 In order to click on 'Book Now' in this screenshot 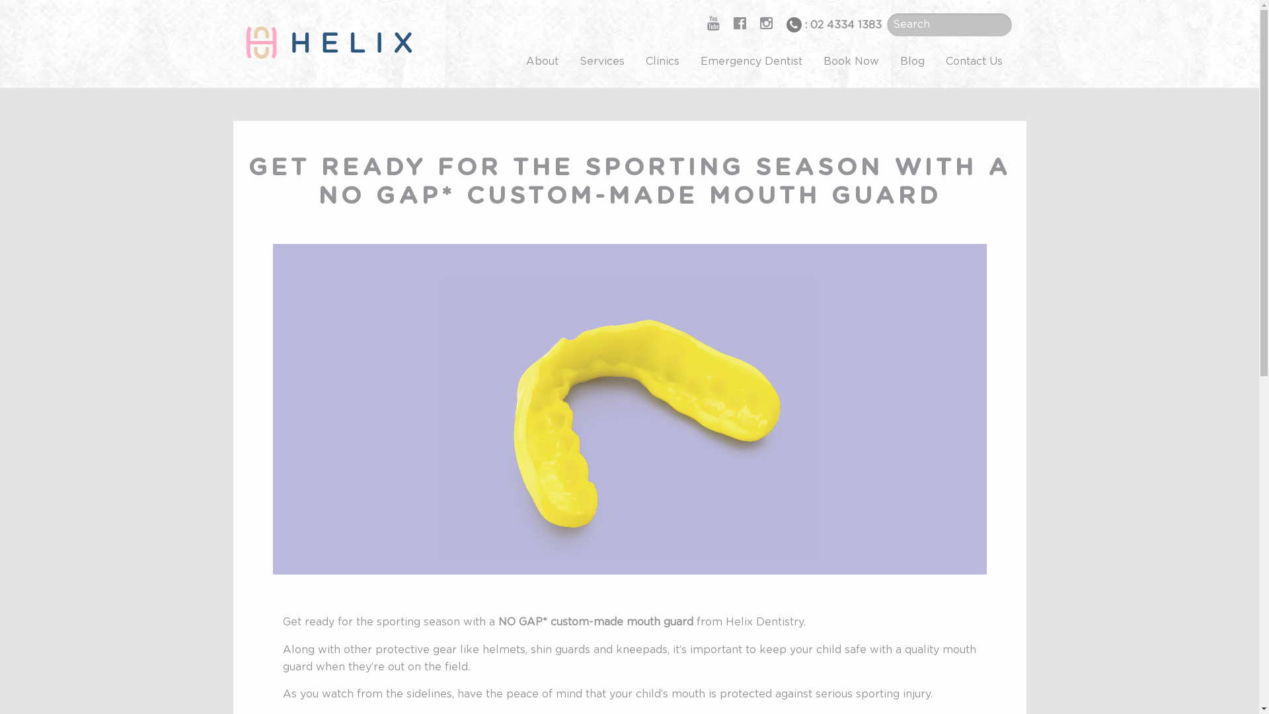, I will do `click(851, 61)`.